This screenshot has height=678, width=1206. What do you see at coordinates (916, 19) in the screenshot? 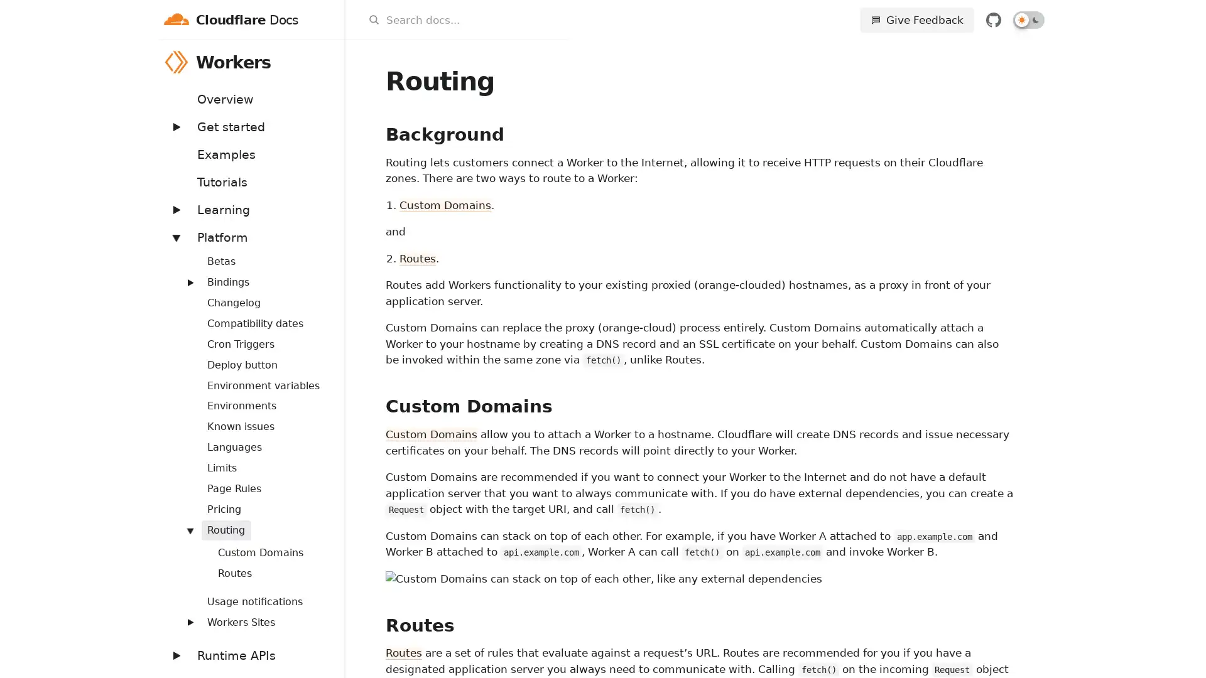
I see `Give Feedback` at bounding box center [916, 19].